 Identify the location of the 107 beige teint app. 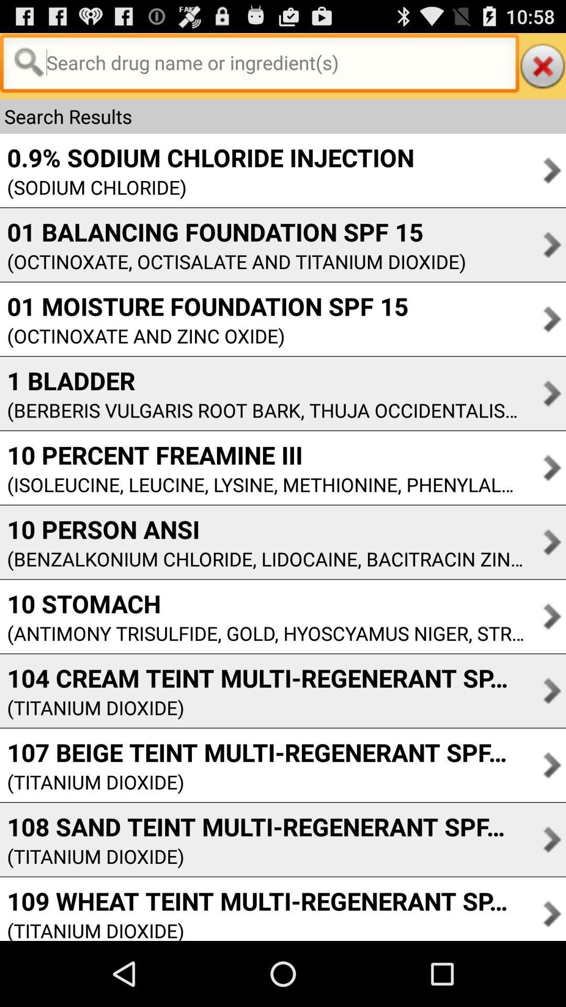
(262, 752).